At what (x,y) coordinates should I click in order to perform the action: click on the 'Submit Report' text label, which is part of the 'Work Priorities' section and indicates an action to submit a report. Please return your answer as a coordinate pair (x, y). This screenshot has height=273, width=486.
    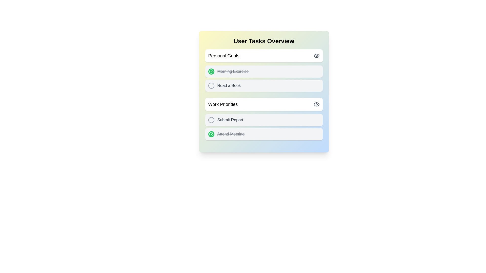
    Looking at the image, I should click on (230, 120).